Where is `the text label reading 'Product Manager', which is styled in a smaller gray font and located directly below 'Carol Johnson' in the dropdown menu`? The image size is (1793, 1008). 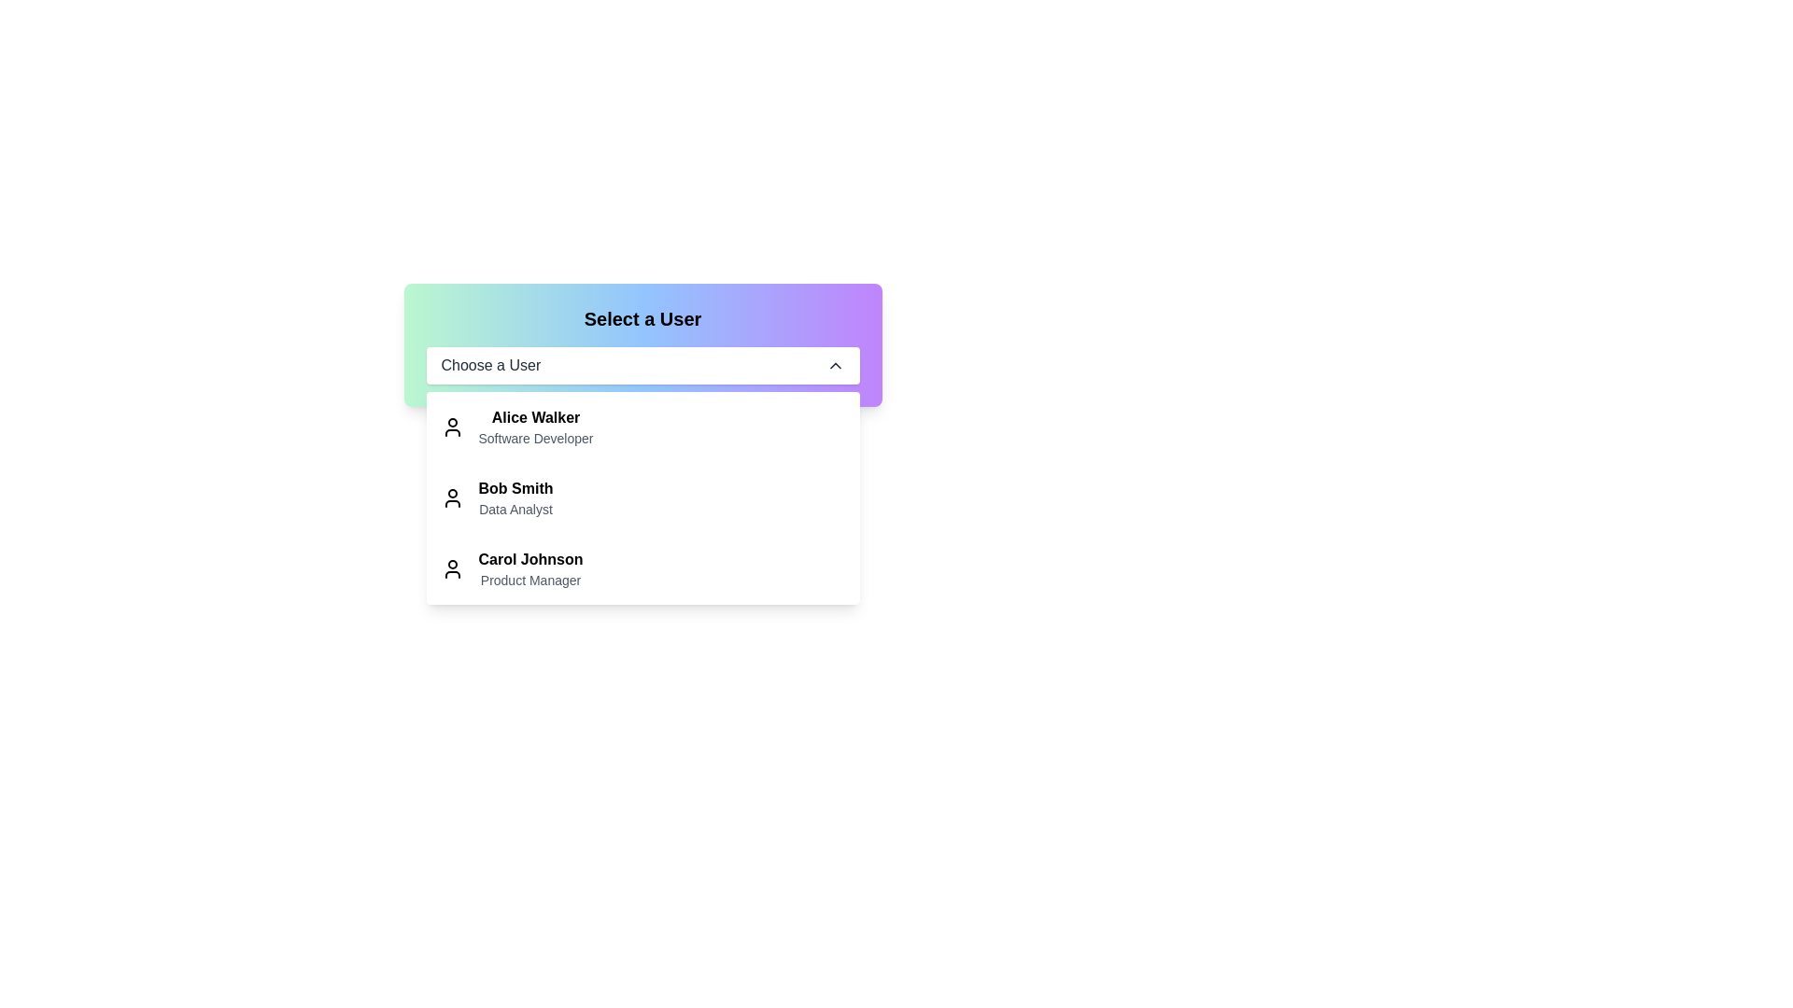
the text label reading 'Product Manager', which is styled in a smaller gray font and located directly below 'Carol Johnson' in the dropdown menu is located at coordinates (529, 579).